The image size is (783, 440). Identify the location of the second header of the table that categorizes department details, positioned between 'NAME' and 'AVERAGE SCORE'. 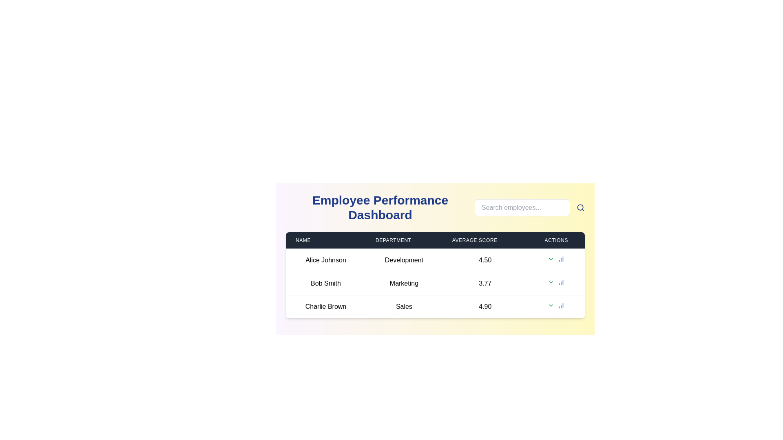
(404, 240).